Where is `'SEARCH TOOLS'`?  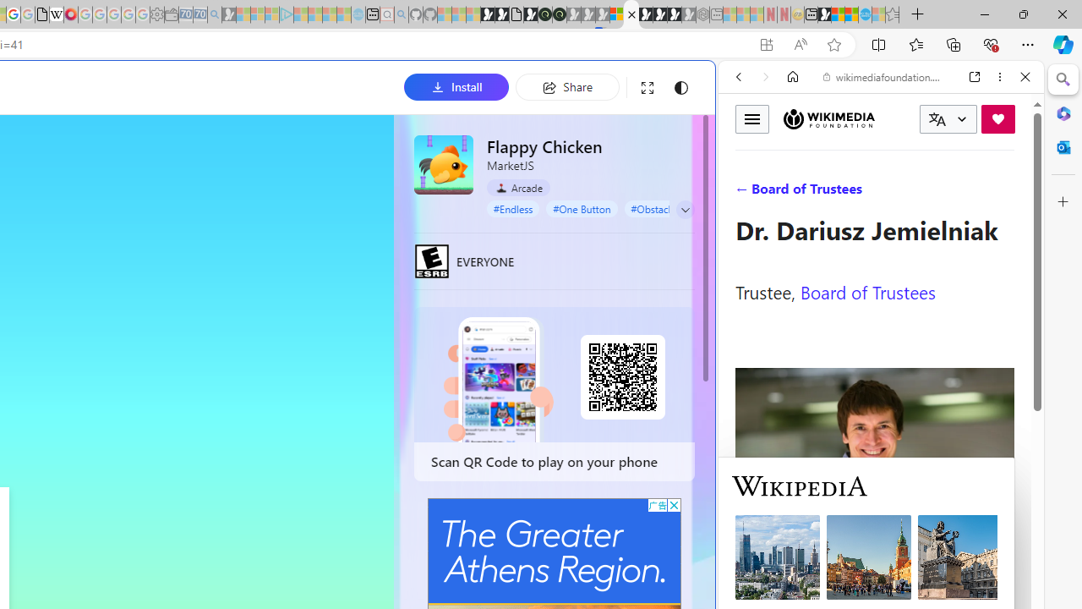 'SEARCH TOOLS' is located at coordinates (923, 192).